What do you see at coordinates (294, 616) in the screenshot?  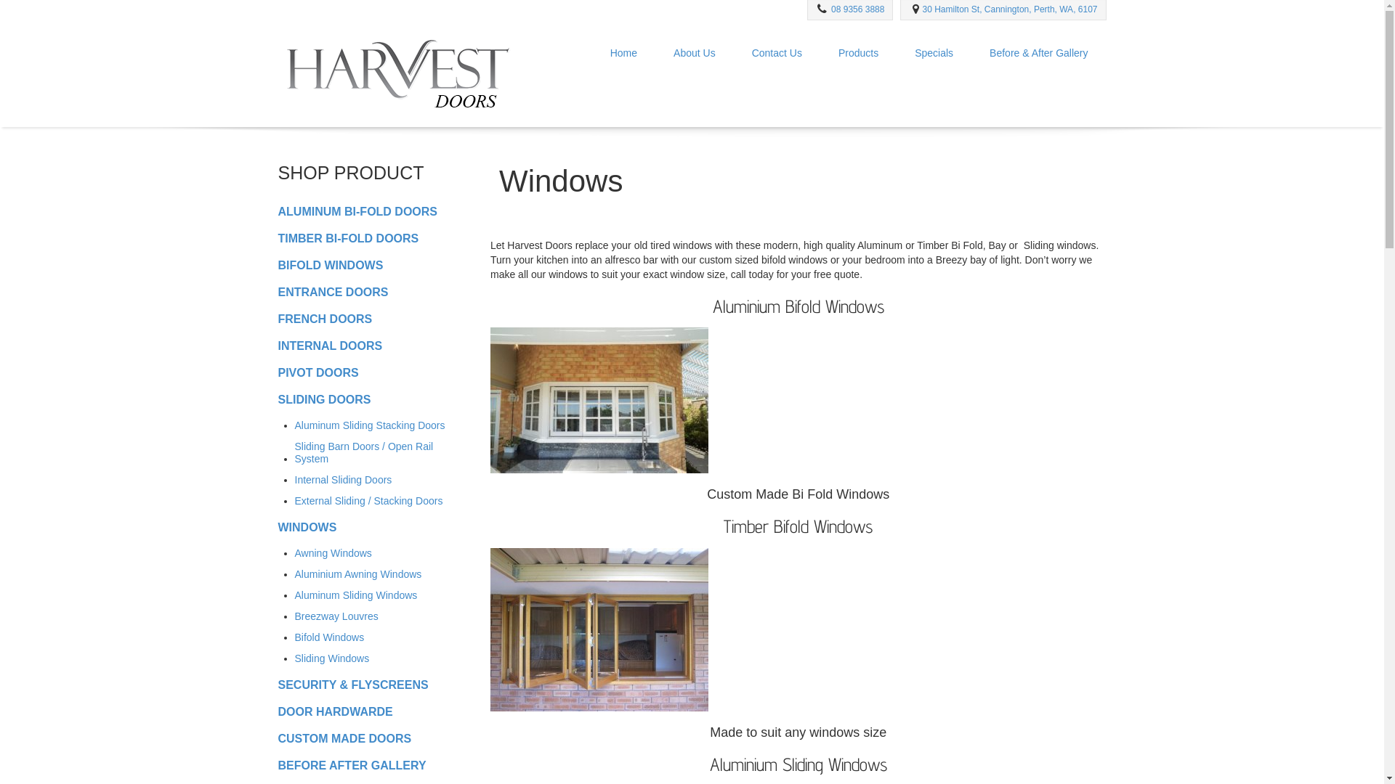 I see `'Breezway Louvres'` at bounding box center [294, 616].